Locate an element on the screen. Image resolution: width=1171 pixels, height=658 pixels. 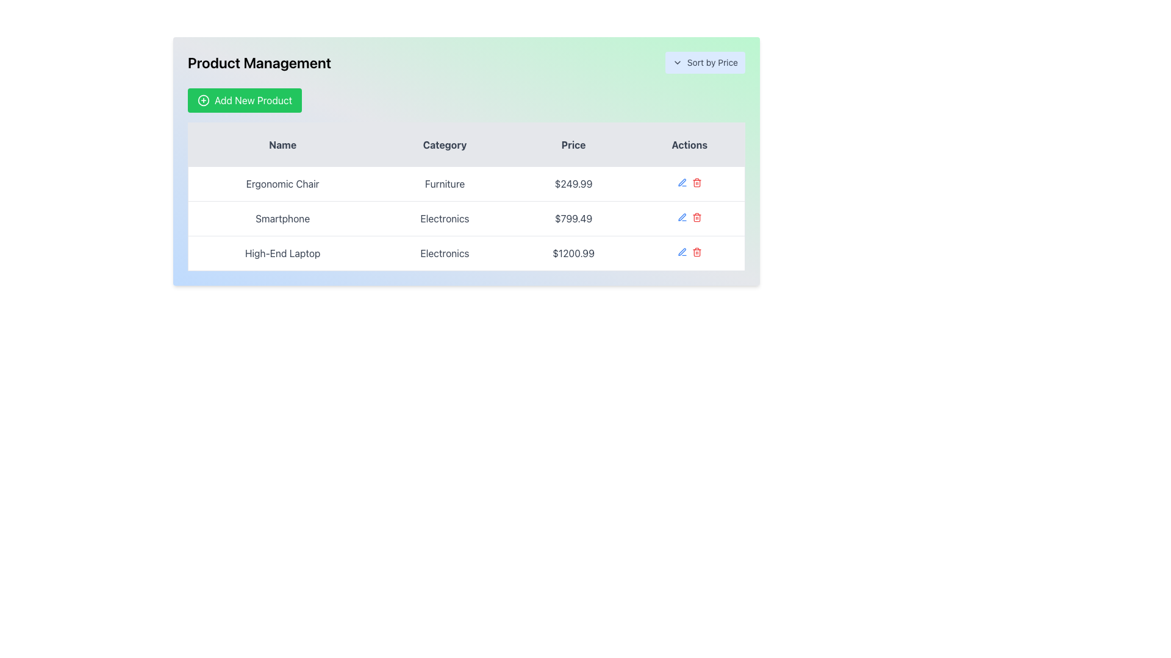
the red trash icon button at the end of the action column in the last row of the product information table is located at coordinates (697, 251).